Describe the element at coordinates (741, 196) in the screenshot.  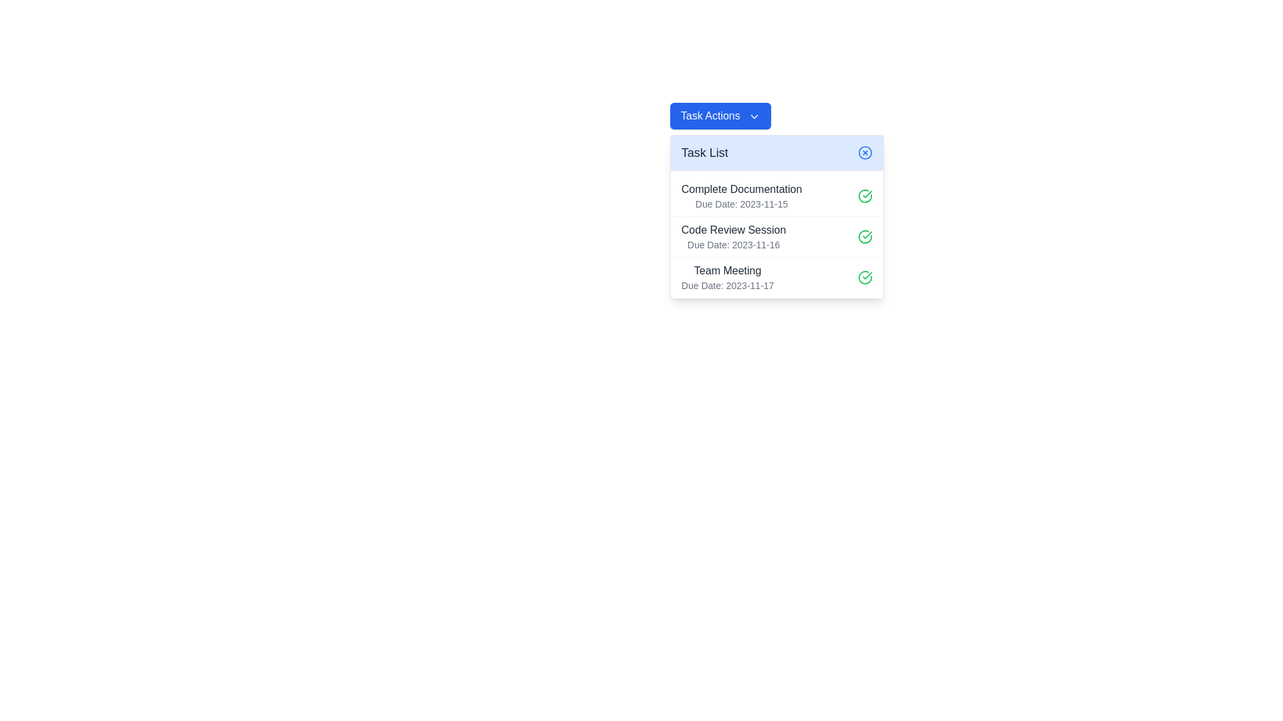
I see `text from the first entry in the 'Task List' panel, which includes the title and due date of a specific task` at that location.